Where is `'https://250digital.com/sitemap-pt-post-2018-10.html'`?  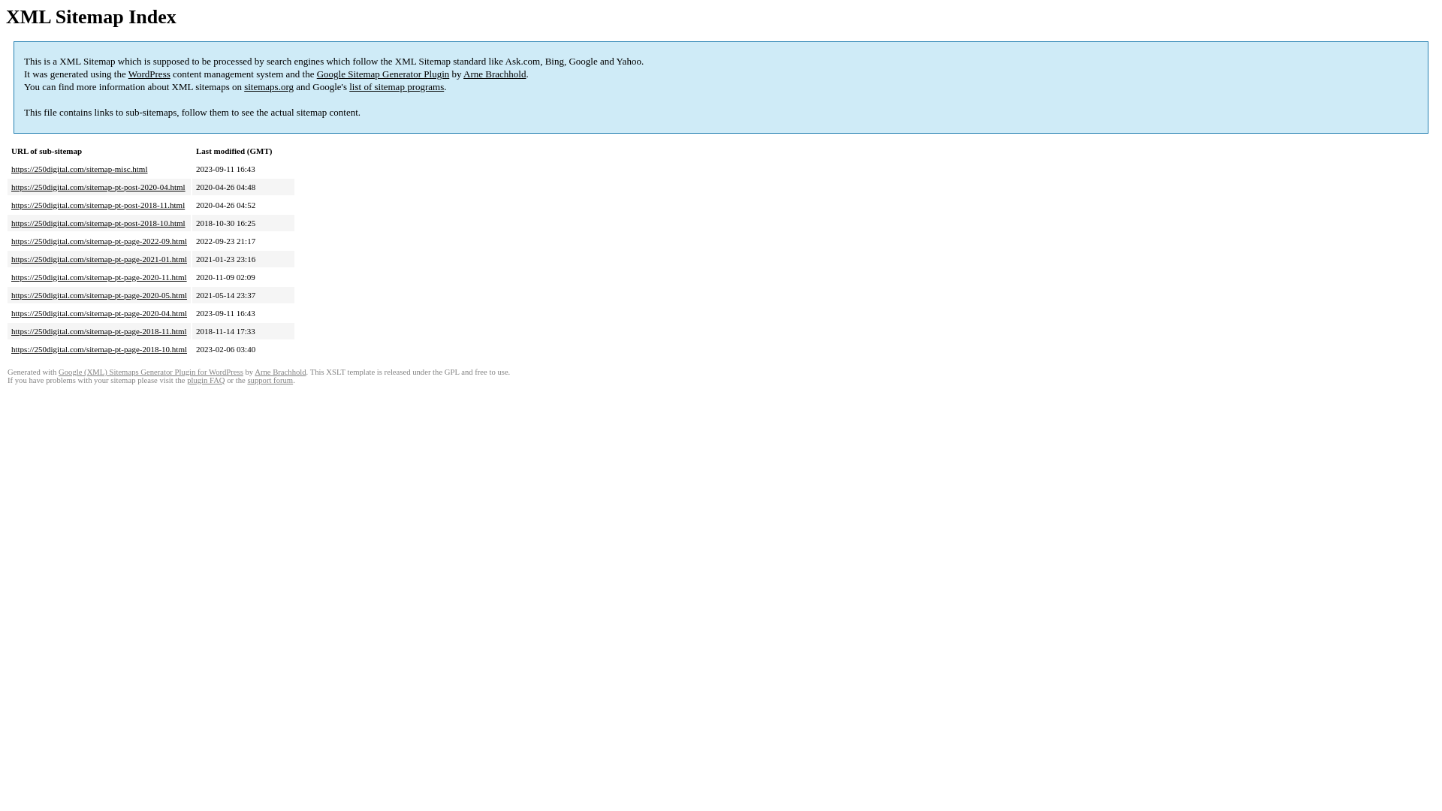 'https://250digital.com/sitemap-pt-post-2018-10.html' is located at coordinates (97, 223).